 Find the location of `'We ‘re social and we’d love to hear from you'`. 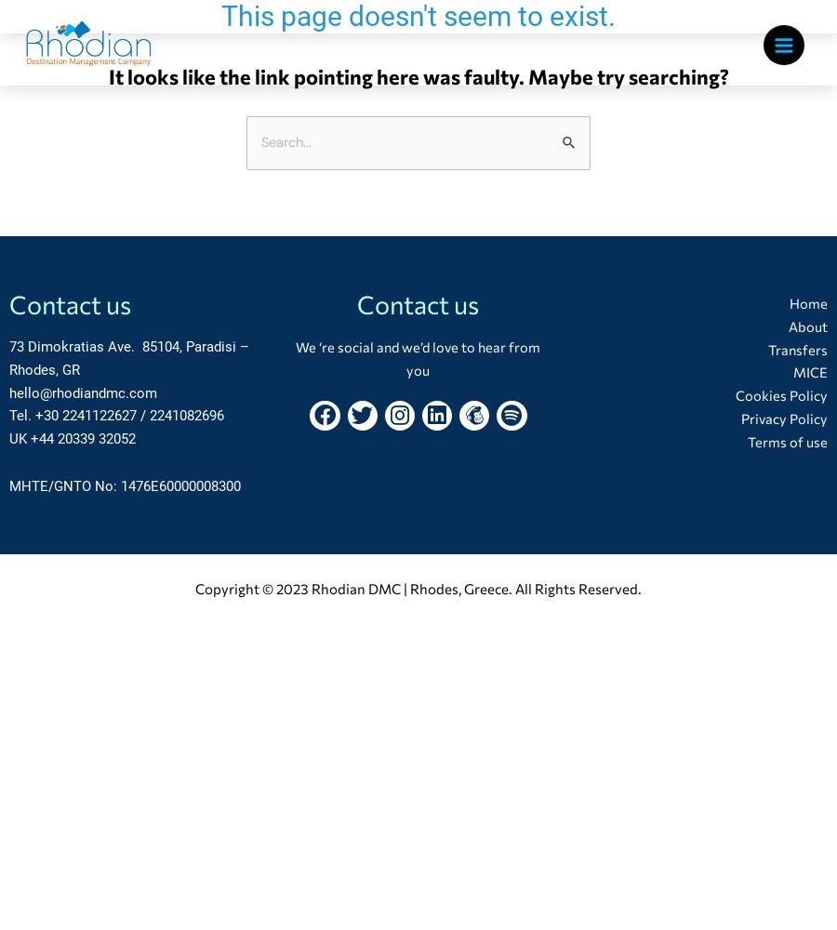

'We ‘re social and we’d love to hear from you' is located at coordinates (418, 357).